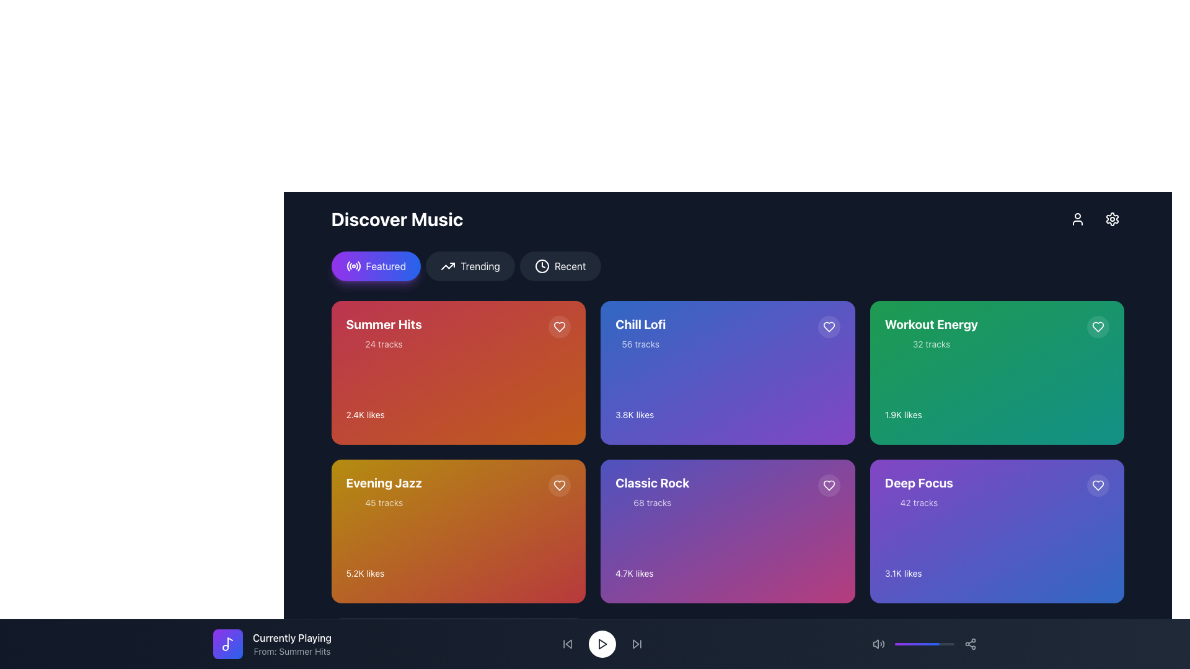  Describe the element at coordinates (447, 265) in the screenshot. I see `the zigzagging arrow icon in the top bar of the interface, which represents the 'Trending' segment, to trigger a tooltip or highlight` at that location.